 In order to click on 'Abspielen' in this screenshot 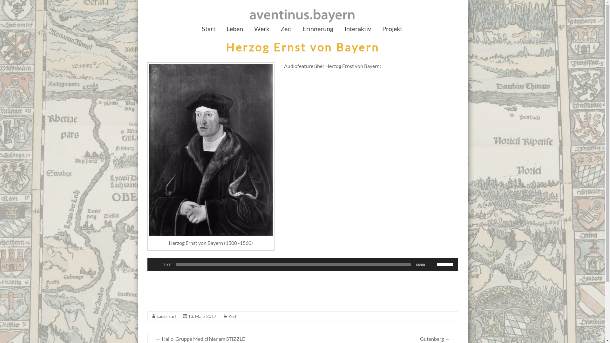, I will do `click(155, 265)`.